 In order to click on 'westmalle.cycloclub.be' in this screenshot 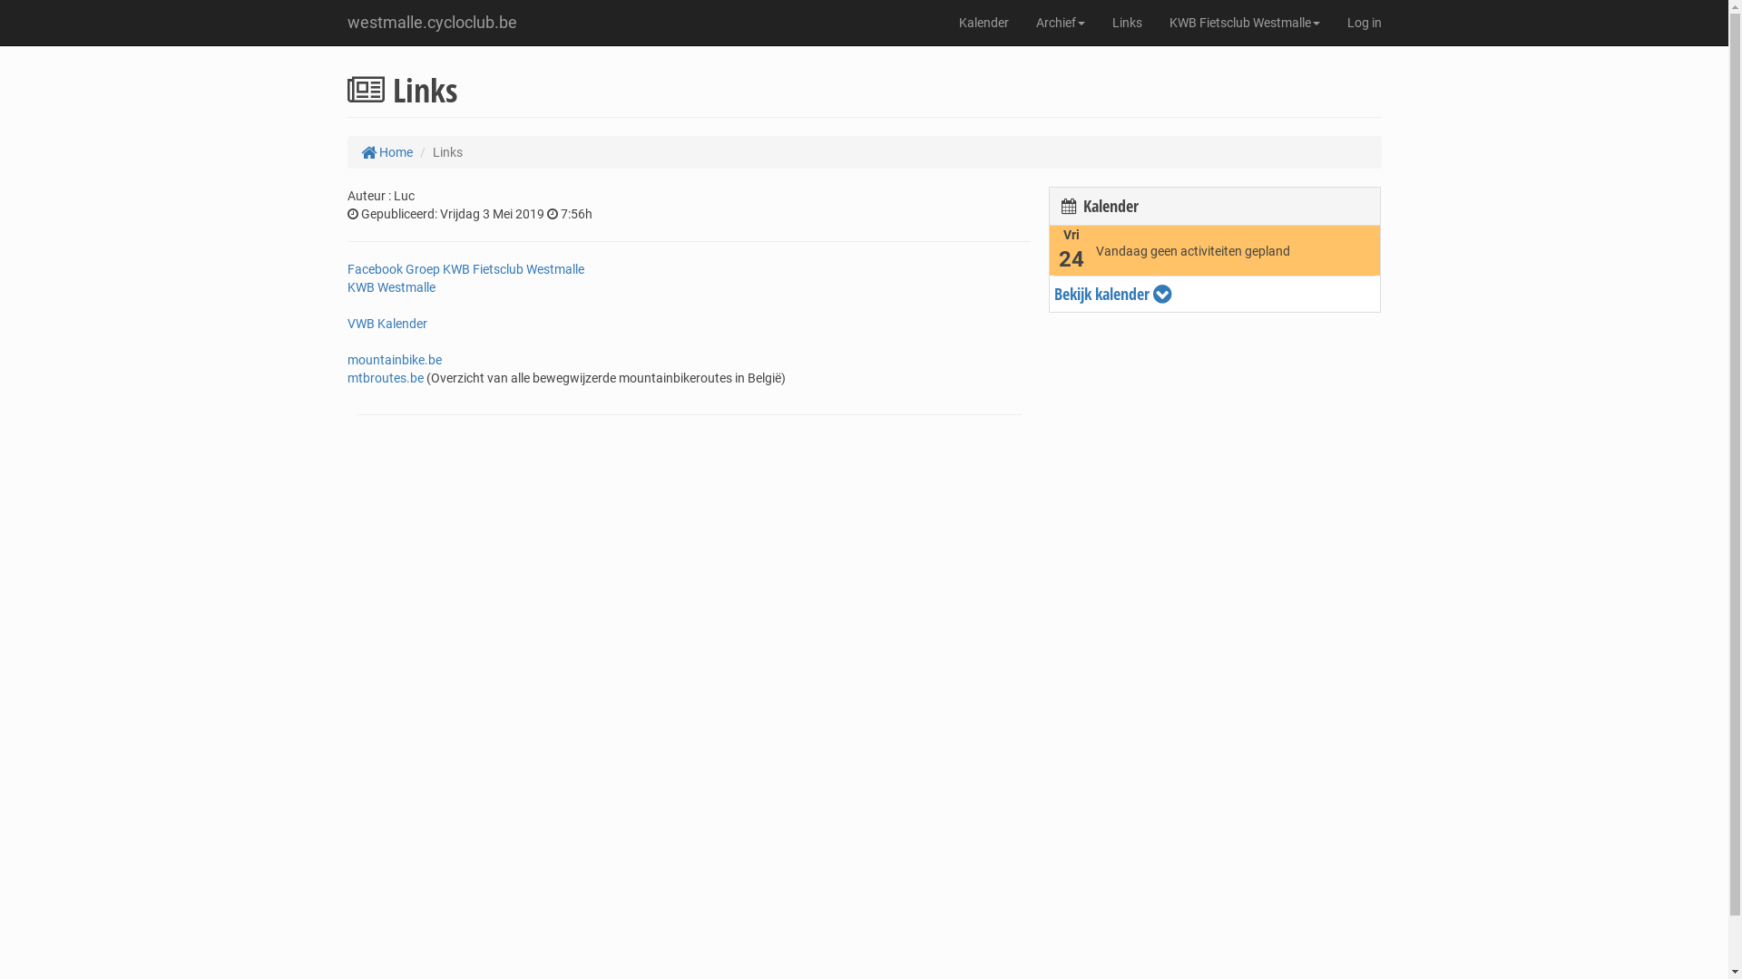, I will do `click(431, 22)`.